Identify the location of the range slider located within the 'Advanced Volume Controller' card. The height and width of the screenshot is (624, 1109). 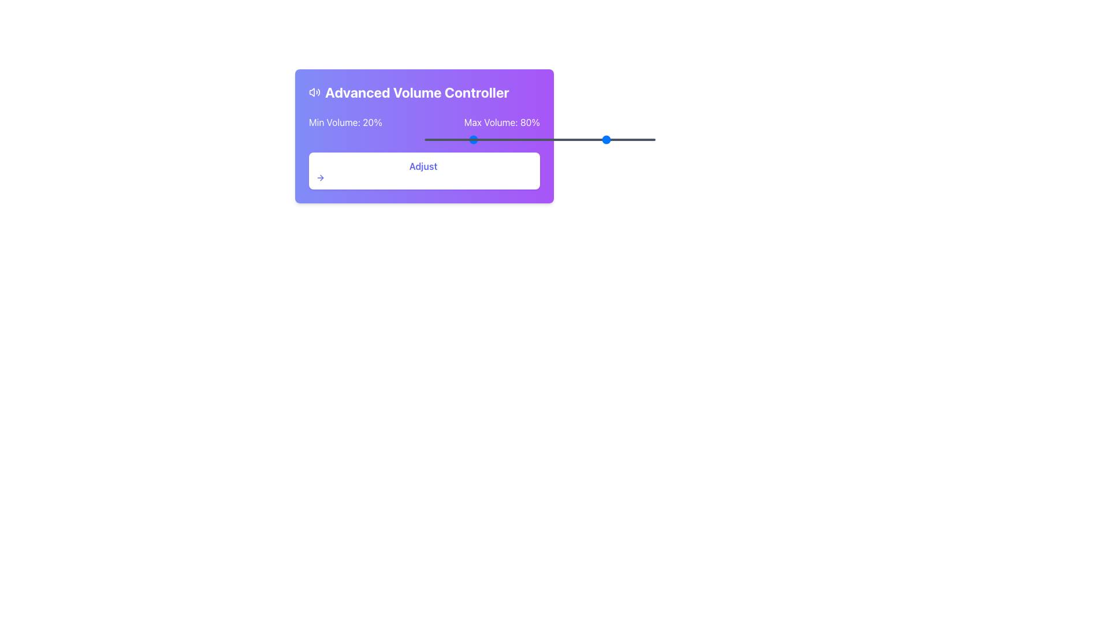
(539, 139).